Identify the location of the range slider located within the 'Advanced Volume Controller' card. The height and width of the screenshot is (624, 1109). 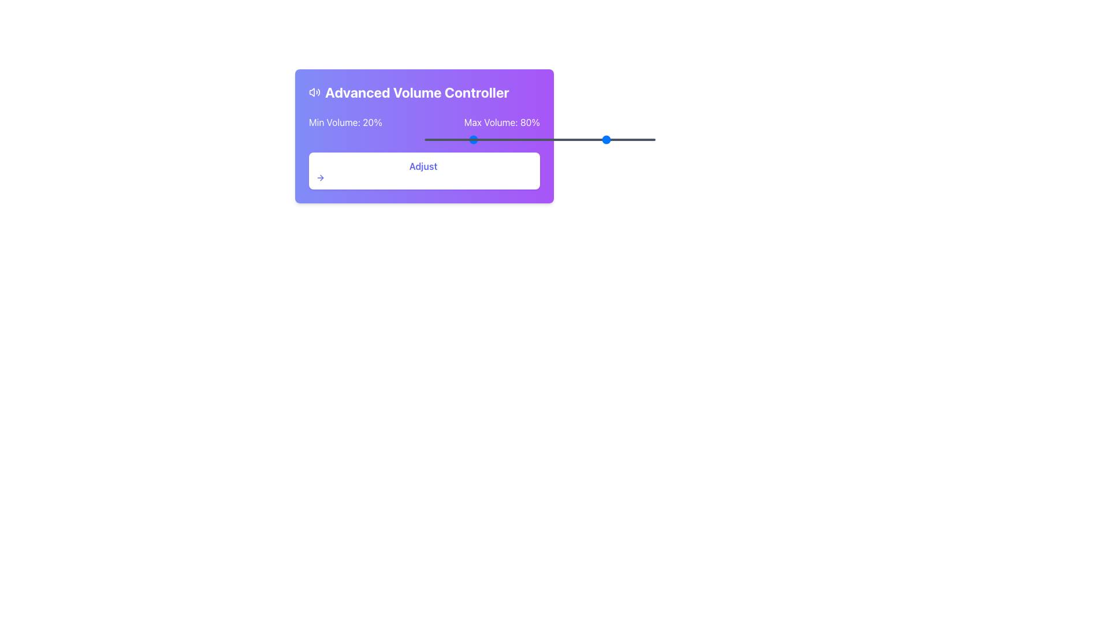
(539, 139).